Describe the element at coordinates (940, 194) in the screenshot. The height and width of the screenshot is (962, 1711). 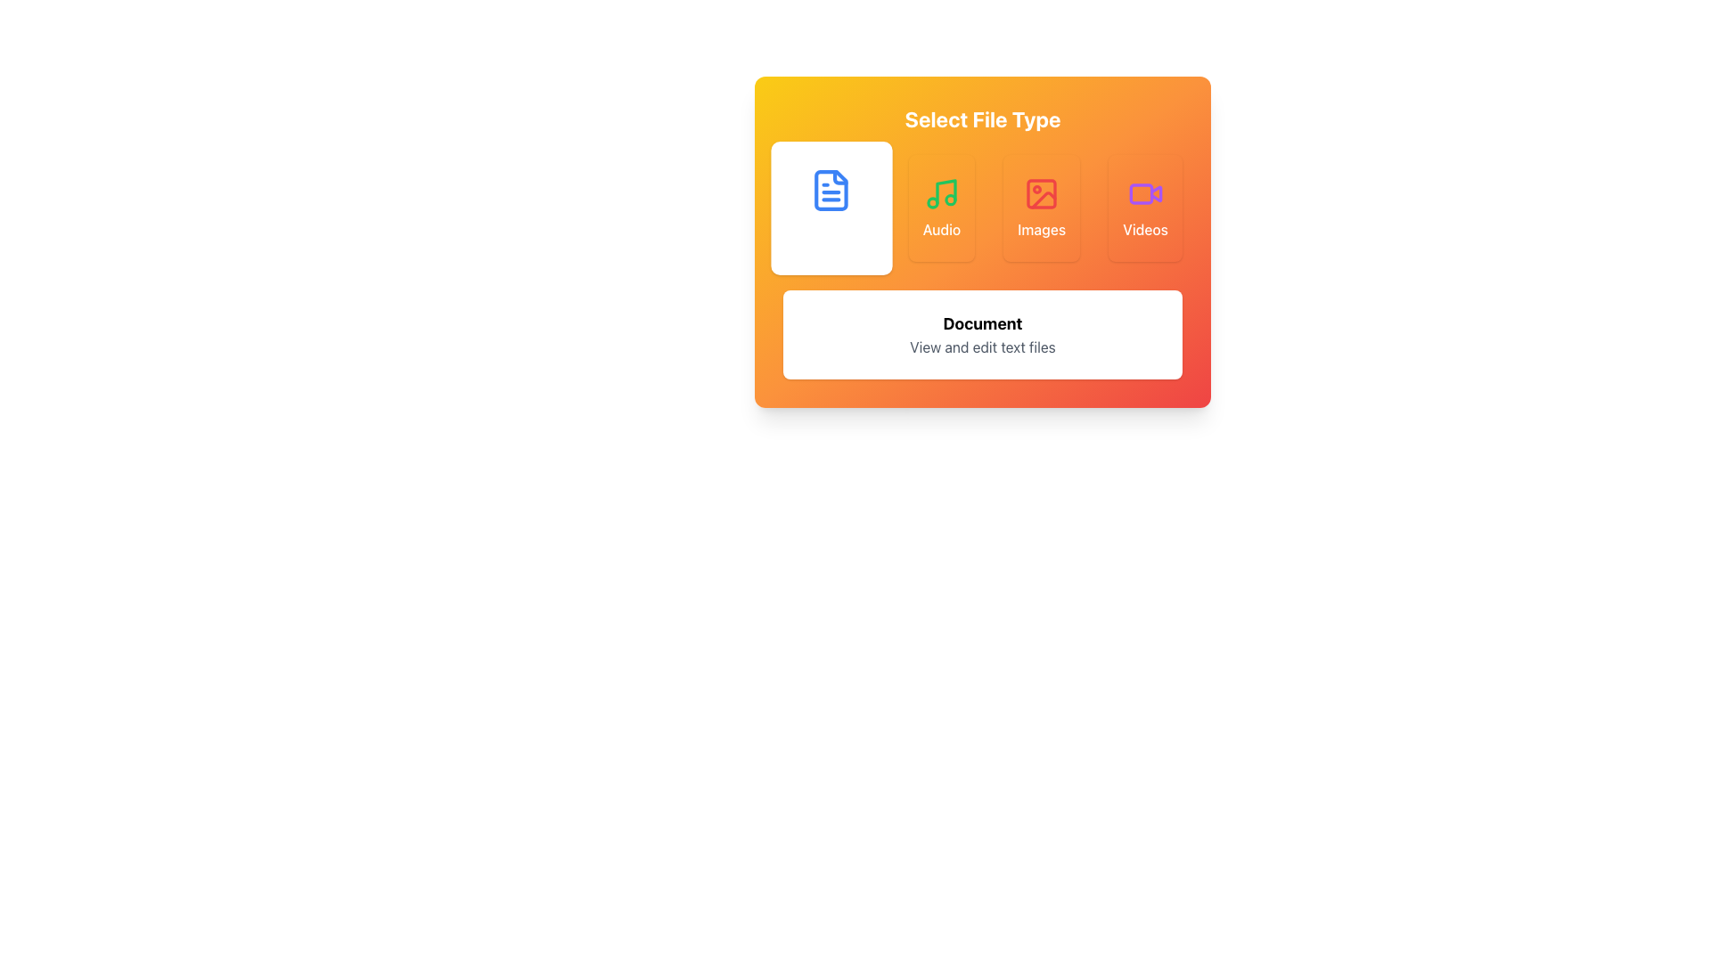
I see `the 'Audio' icon in the selection panel, which is visually represented as an SVG image located to the right of the first option and to the left of the Images option` at that location.